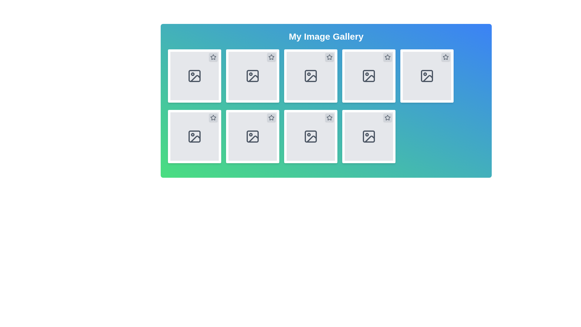 The height and width of the screenshot is (327, 581). I want to click on the icon or image placeholder, so click(369, 137).